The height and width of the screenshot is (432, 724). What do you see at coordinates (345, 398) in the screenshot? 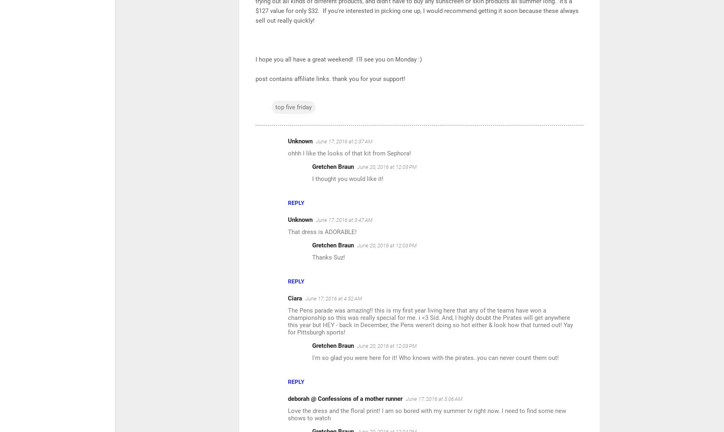
I see `'deborah @ Confessions of a mother runner'` at bounding box center [345, 398].